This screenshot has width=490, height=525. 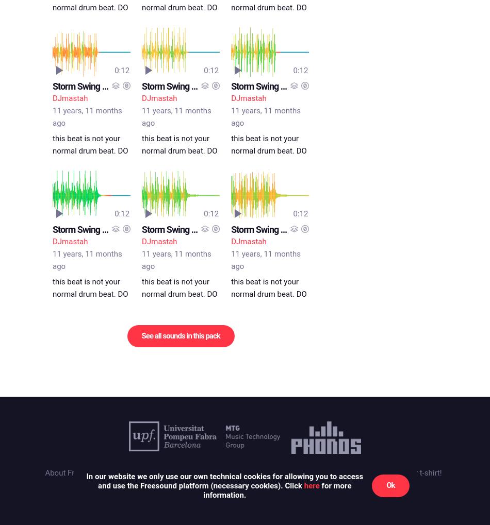 What do you see at coordinates (268, 228) in the screenshot?
I see `'Storm Swing C.mp3'` at bounding box center [268, 228].